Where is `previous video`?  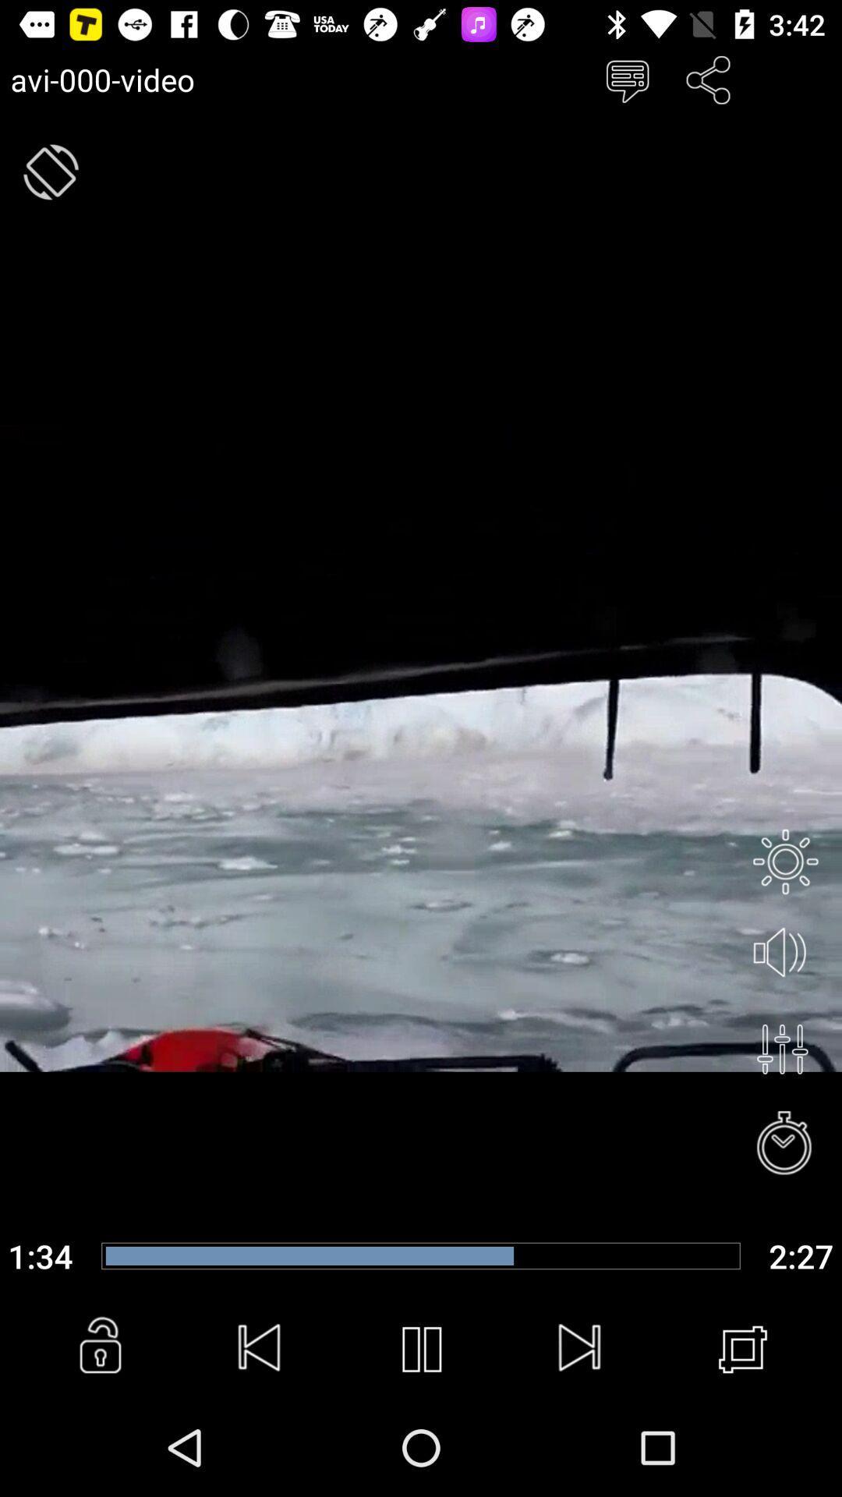 previous video is located at coordinates (260, 1349).